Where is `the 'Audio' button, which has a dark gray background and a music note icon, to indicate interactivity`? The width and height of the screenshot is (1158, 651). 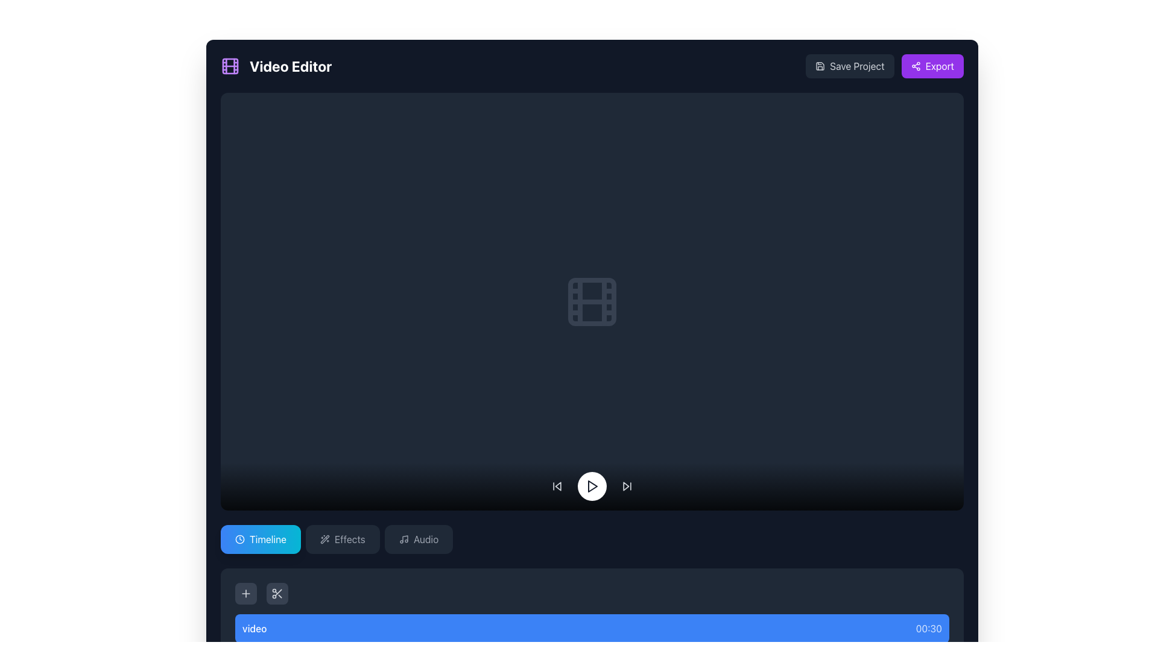
the 'Audio' button, which has a dark gray background and a music note icon, to indicate interactivity is located at coordinates (419, 538).